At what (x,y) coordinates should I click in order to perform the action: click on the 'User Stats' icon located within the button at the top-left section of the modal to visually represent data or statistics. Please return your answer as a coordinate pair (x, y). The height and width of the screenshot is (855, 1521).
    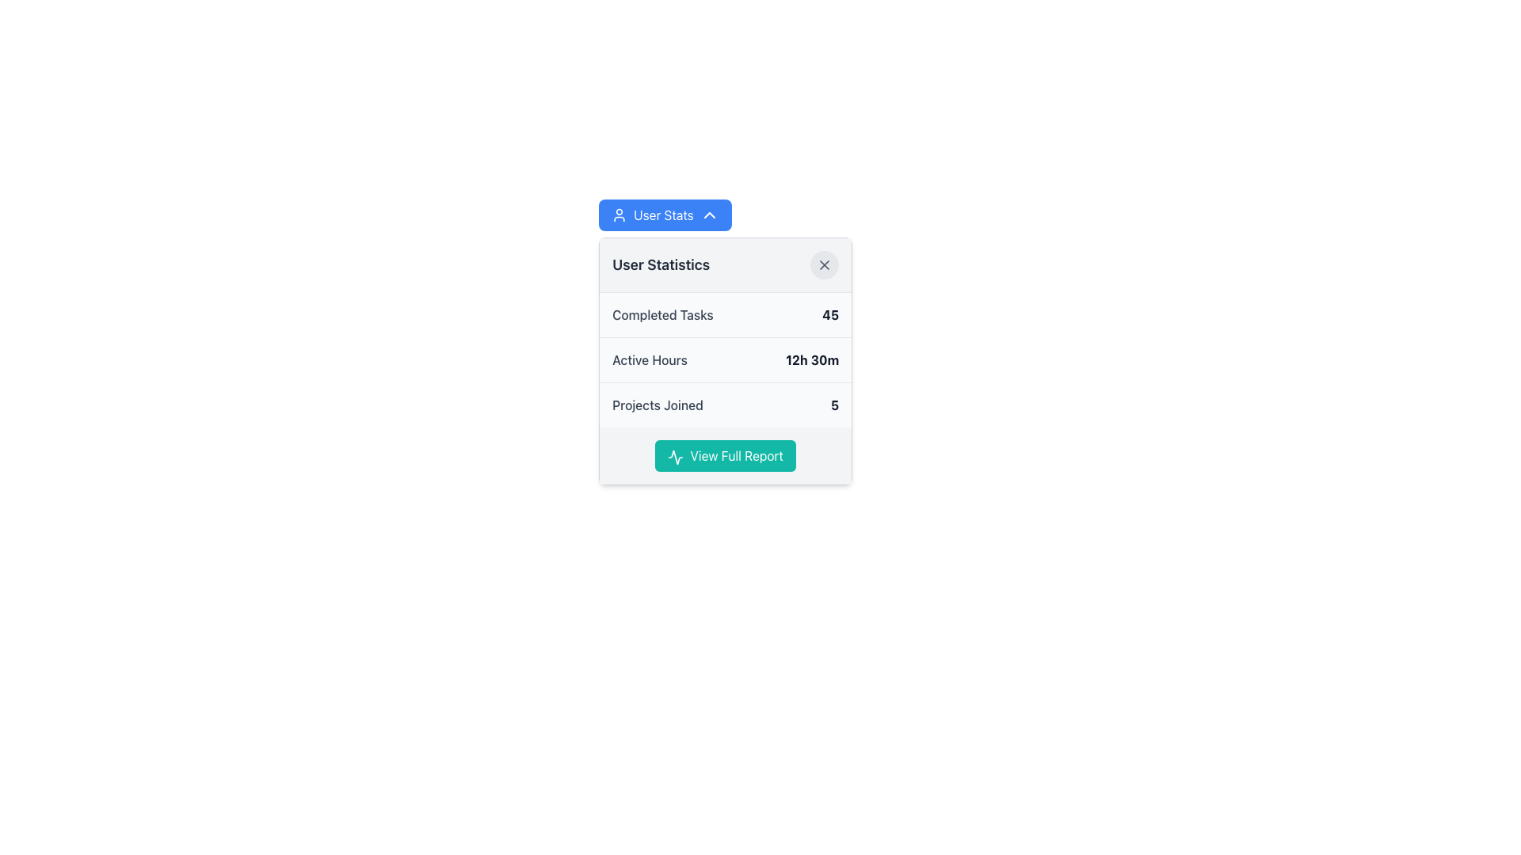
    Looking at the image, I should click on (676, 457).